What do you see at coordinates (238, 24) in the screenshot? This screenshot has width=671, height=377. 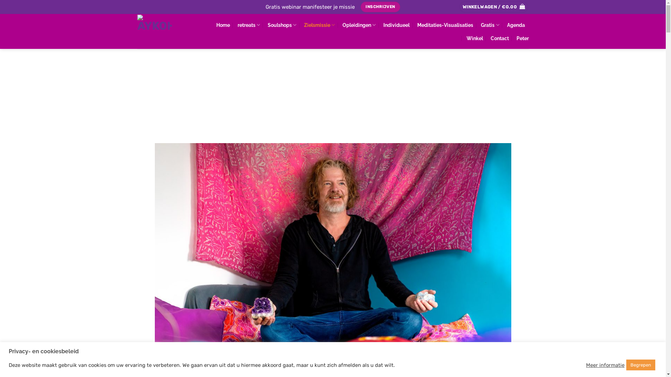 I see `'retreats'` at bounding box center [238, 24].